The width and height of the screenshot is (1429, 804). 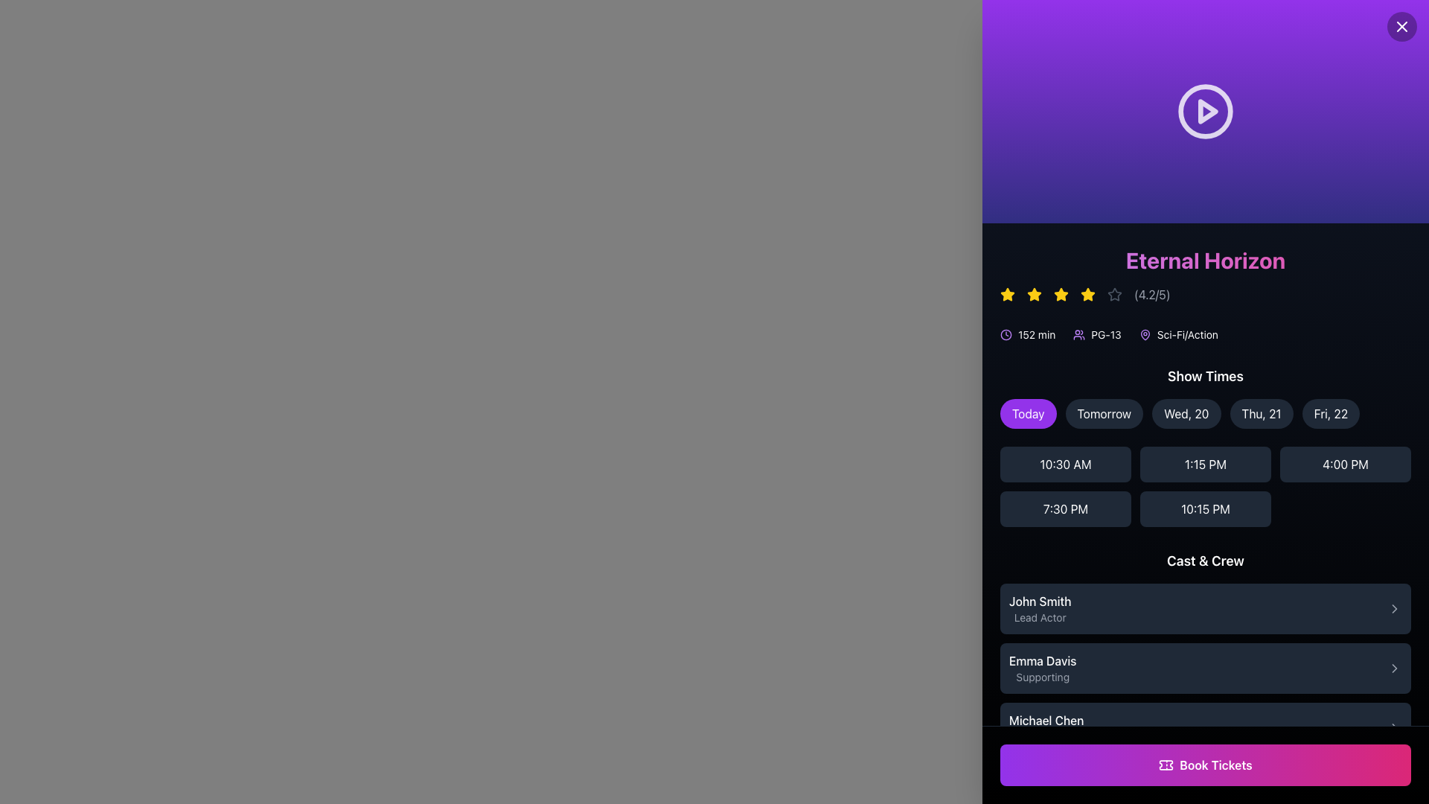 I want to click on the heading or title text indicating the 'Audience Reviews' section, which is positioned above the first review's text, so click(x=1206, y=786).